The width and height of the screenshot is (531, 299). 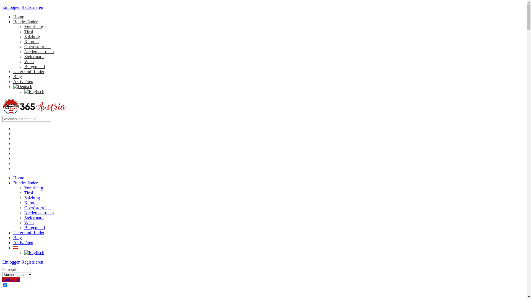 I want to click on 'Einloggen', so click(x=11, y=249).